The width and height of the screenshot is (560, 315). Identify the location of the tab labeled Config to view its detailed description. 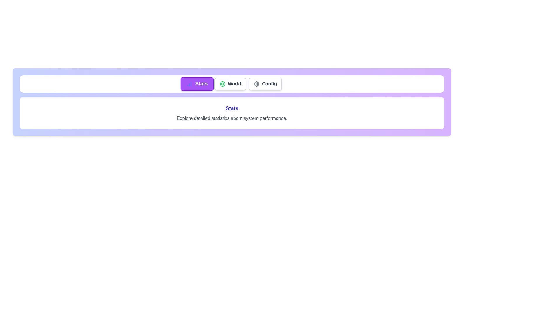
(265, 84).